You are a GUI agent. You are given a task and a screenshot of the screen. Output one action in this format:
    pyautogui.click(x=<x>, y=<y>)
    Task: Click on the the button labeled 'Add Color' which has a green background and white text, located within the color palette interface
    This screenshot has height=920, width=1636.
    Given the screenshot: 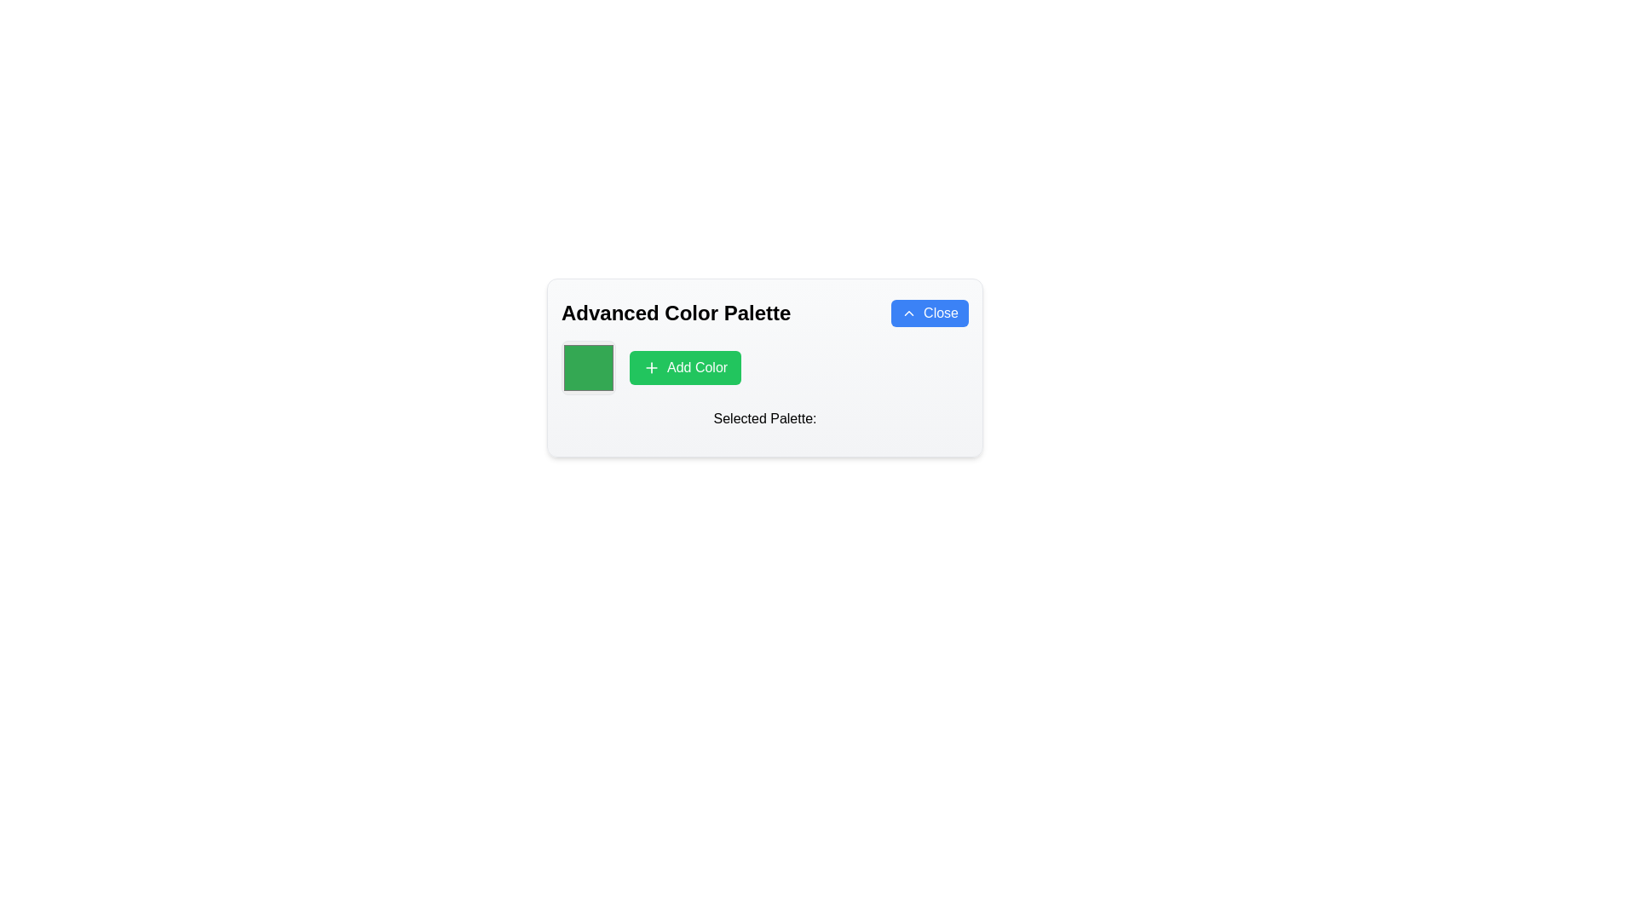 What is the action you would take?
    pyautogui.click(x=697, y=367)
    